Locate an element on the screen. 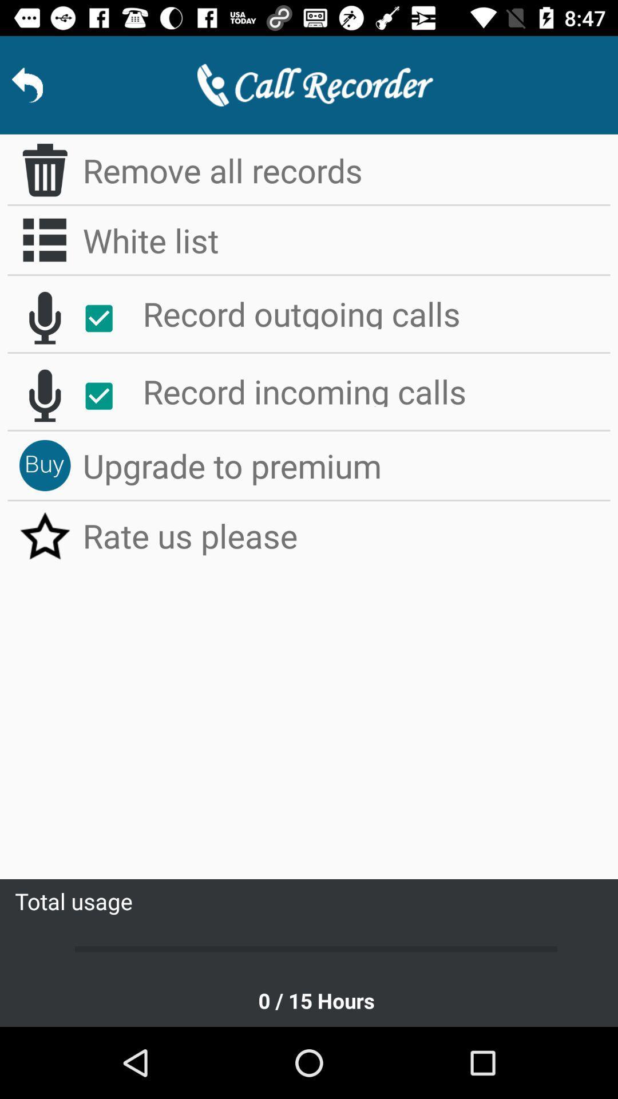  app next to record outgoing calls is located at coordinates (105, 318).